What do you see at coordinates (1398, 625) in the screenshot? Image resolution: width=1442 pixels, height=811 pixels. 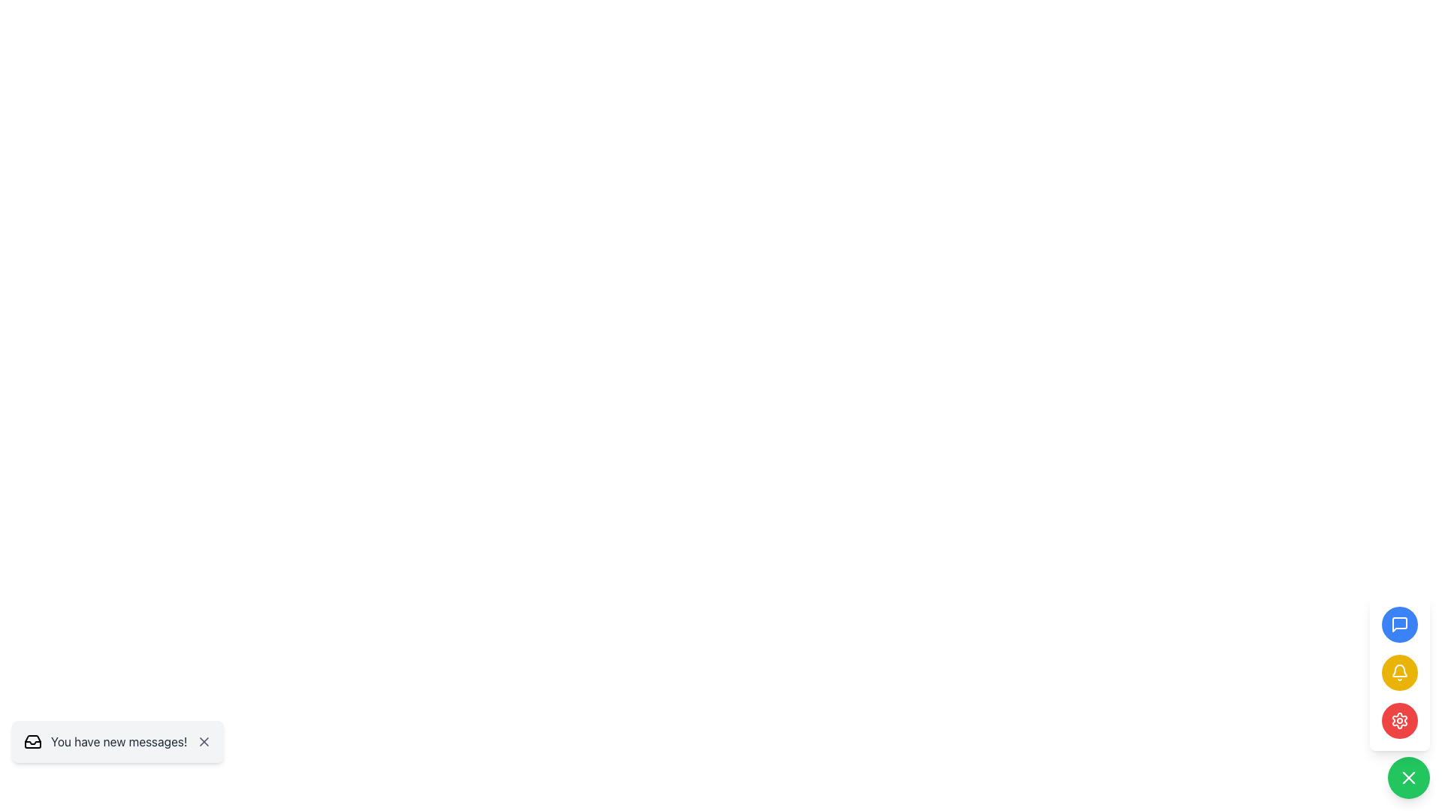 I see `the topmost blue circular button that represents messaging or communication` at bounding box center [1398, 625].